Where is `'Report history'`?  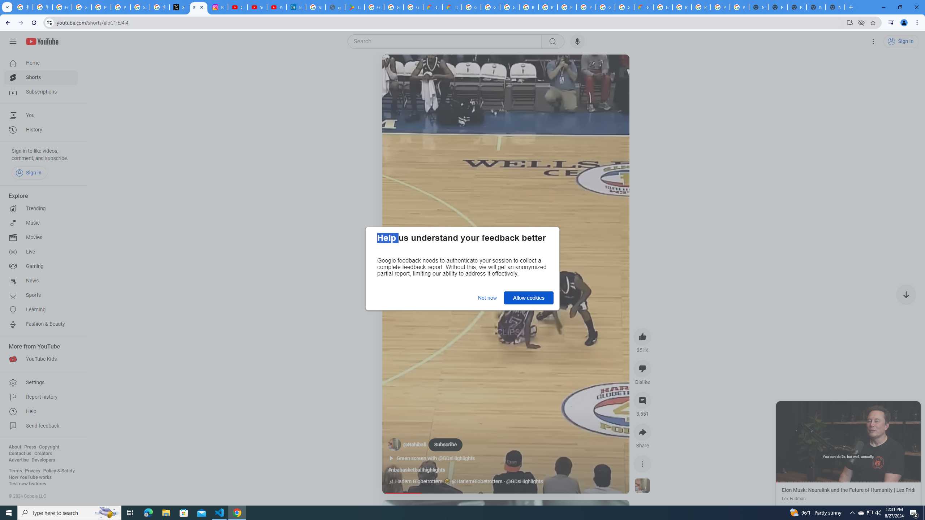 'Report history' is located at coordinates (41, 397).